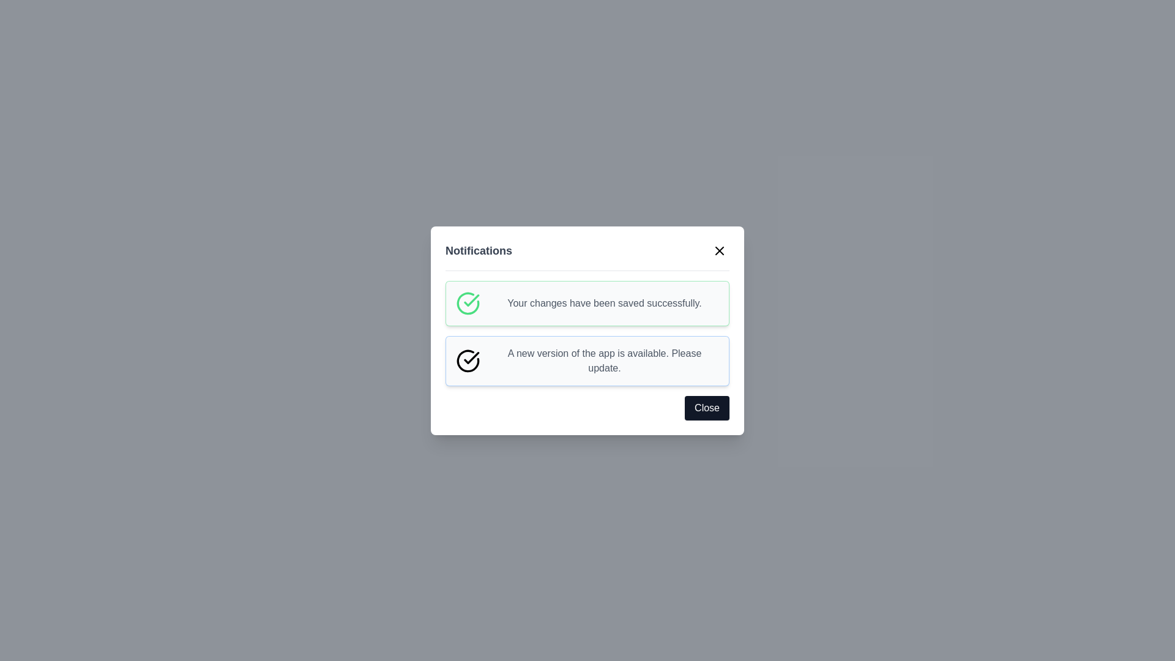  Describe the element at coordinates (720, 250) in the screenshot. I see `the circular icon button with an 'X' shape in black line art located at the far-right of the header section of the modal dialog, next to 'Notifications', to apply a hover effect` at that location.